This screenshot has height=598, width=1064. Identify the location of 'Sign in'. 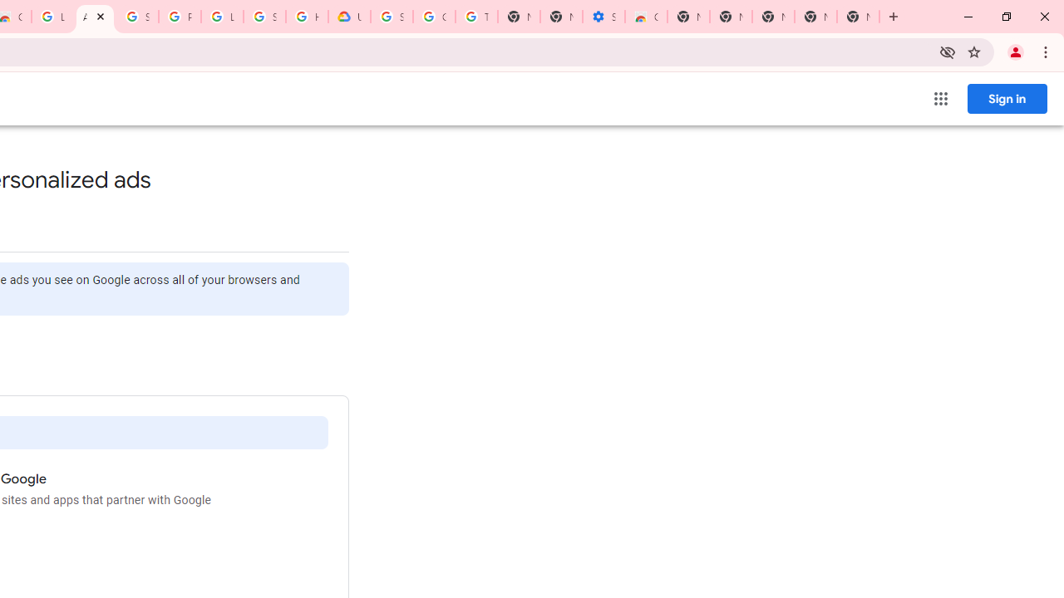
(1006, 98).